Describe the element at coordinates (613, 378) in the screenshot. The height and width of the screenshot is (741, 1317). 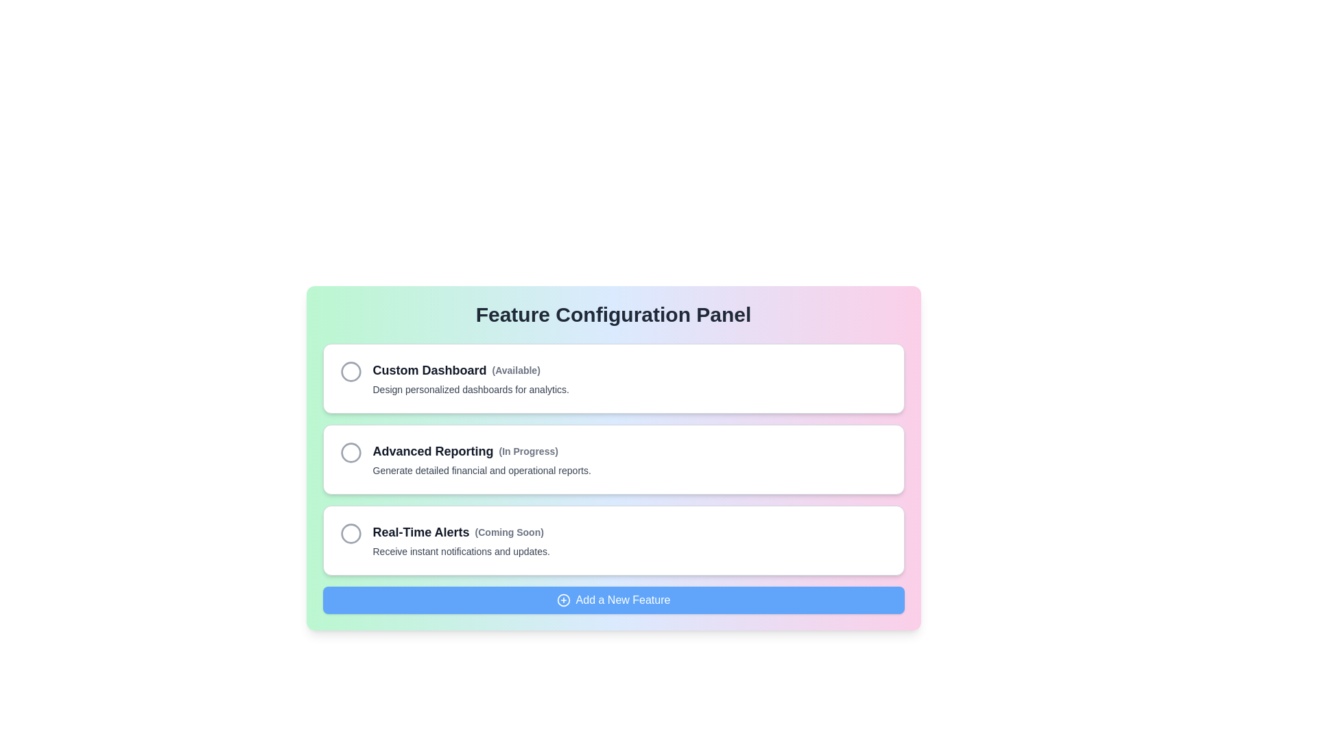
I see `the Informational section titled 'Custom Dashboard (Available)'` at that location.